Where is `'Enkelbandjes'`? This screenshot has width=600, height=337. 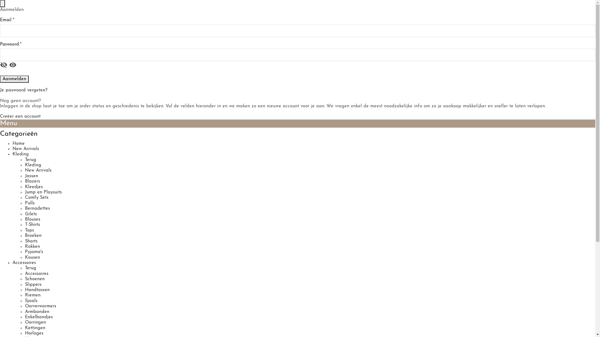 'Enkelbandjes' is located at coordinates (38, 317).